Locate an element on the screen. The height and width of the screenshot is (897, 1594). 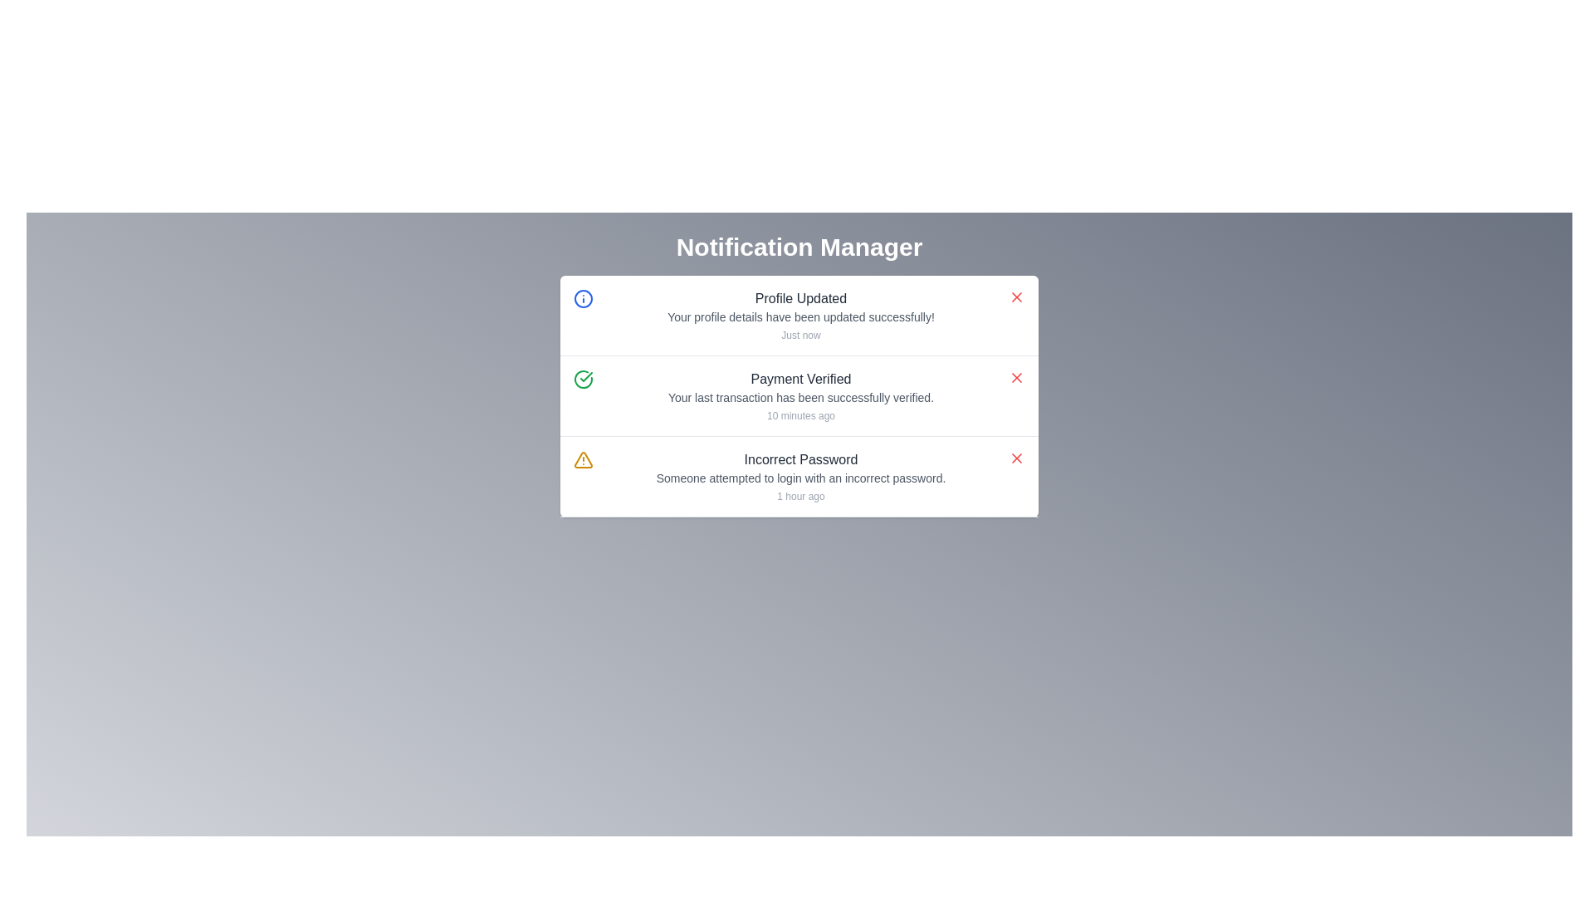
green circular icon line segment in the second notification item for debugging purposes is located at coordinates (583, 379).